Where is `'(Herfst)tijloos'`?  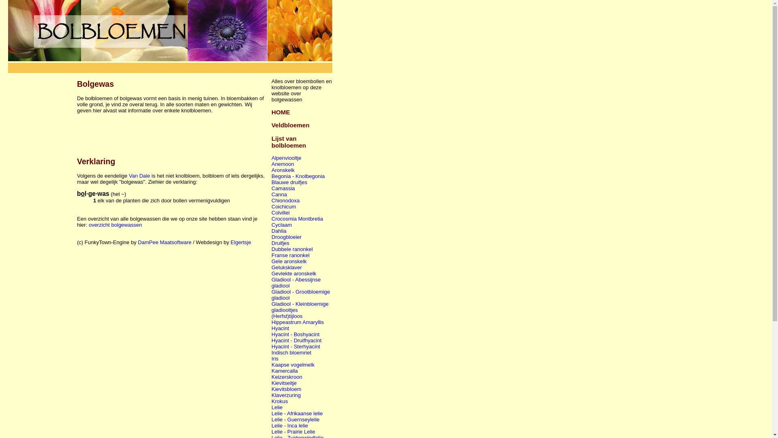
'(Herfst)tijloos' is located at coordinates (287, 316).